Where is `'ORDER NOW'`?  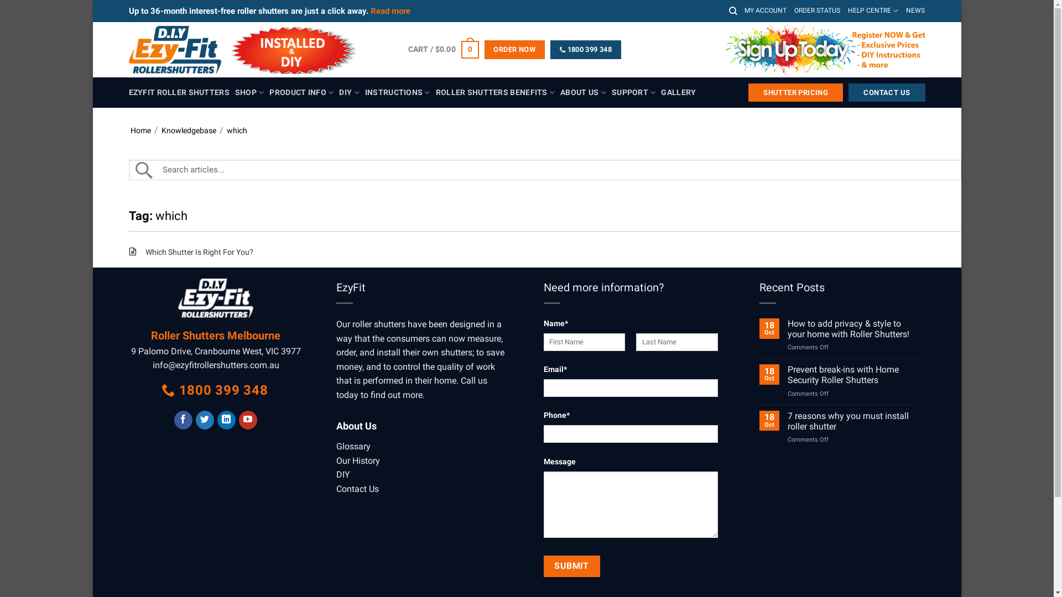
'ORDER NOW' is located at coordinates (514, 49).